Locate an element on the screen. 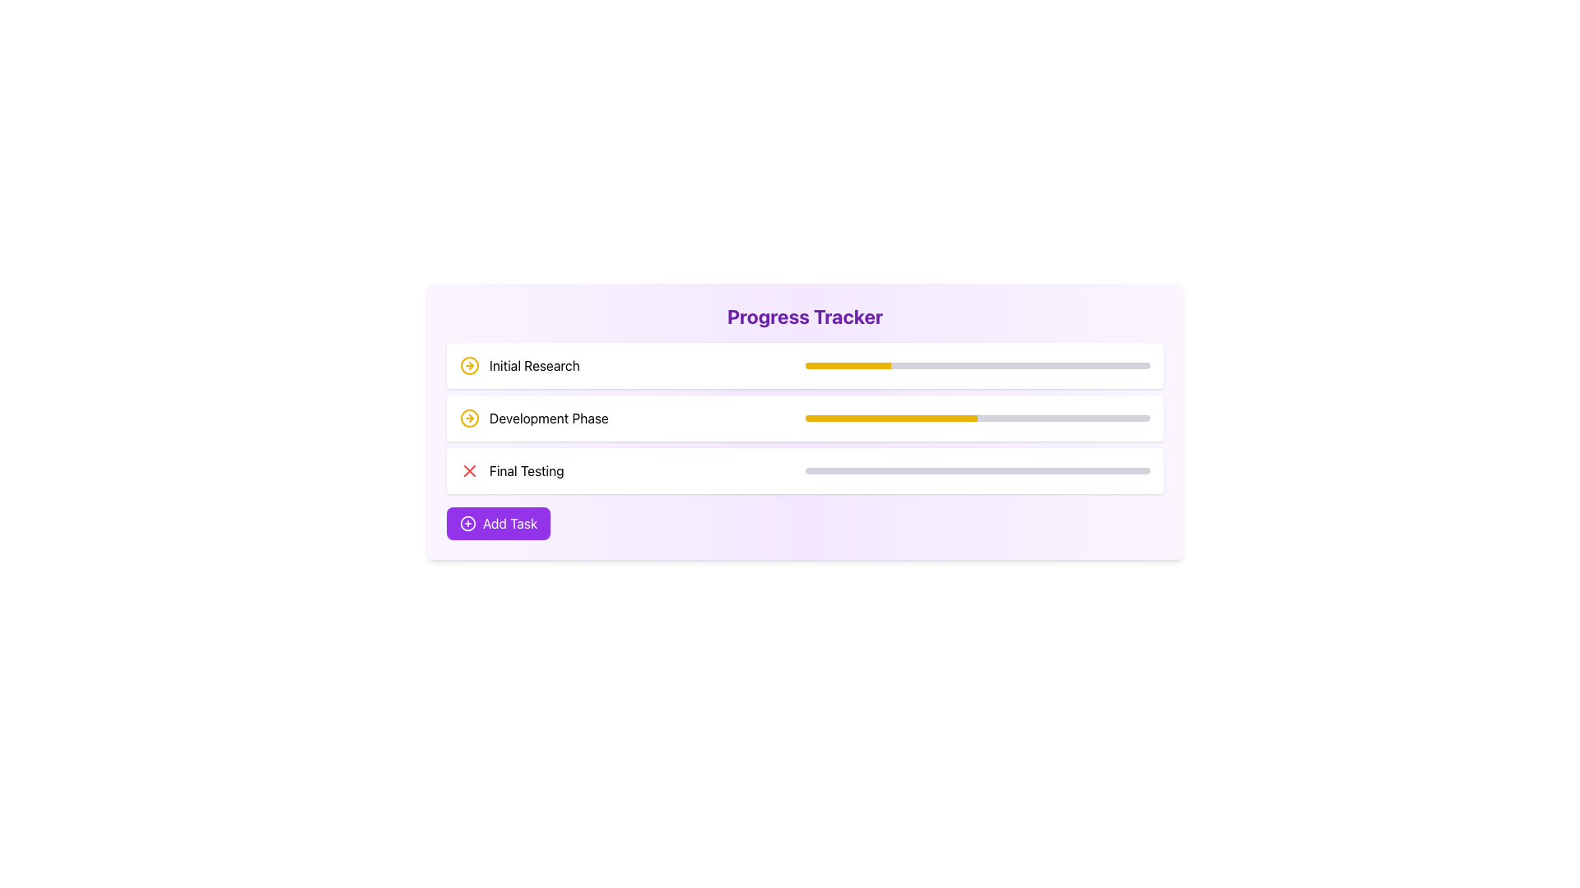 This screenshot has height=888, width=1580. the purple circular 'Add Task' button that contains a plus sign, located at the bottom-left corner of the task progression interface is located at coordinates (467, 523).